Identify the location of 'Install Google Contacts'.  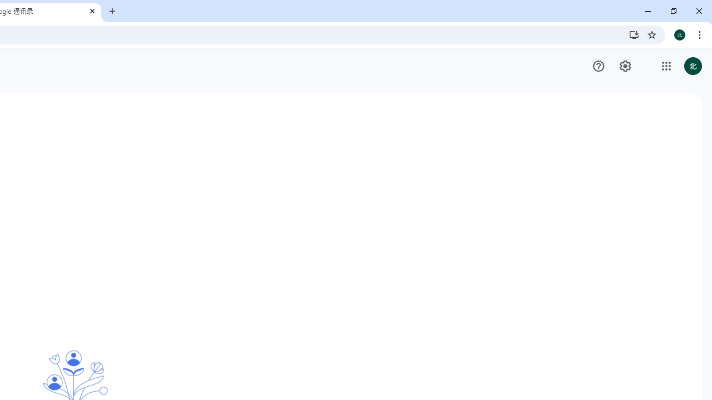
(634, 34).